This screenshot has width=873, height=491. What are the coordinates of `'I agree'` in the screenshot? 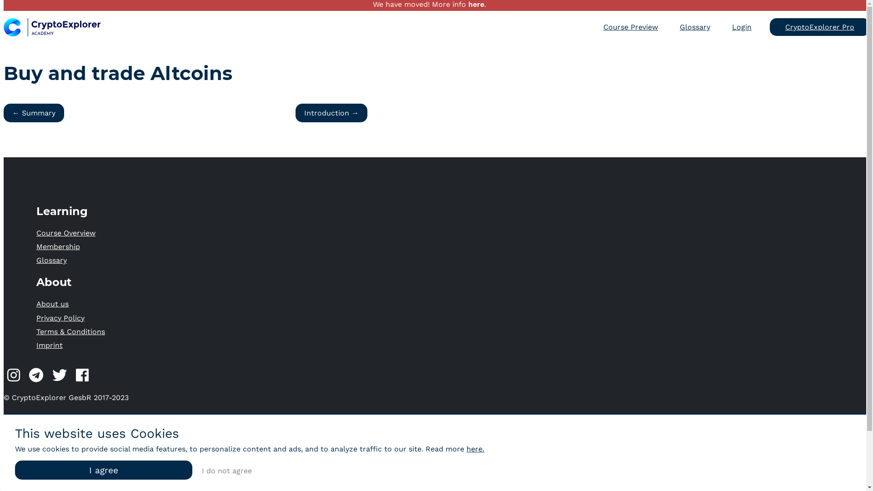 It's located at (103, 470).